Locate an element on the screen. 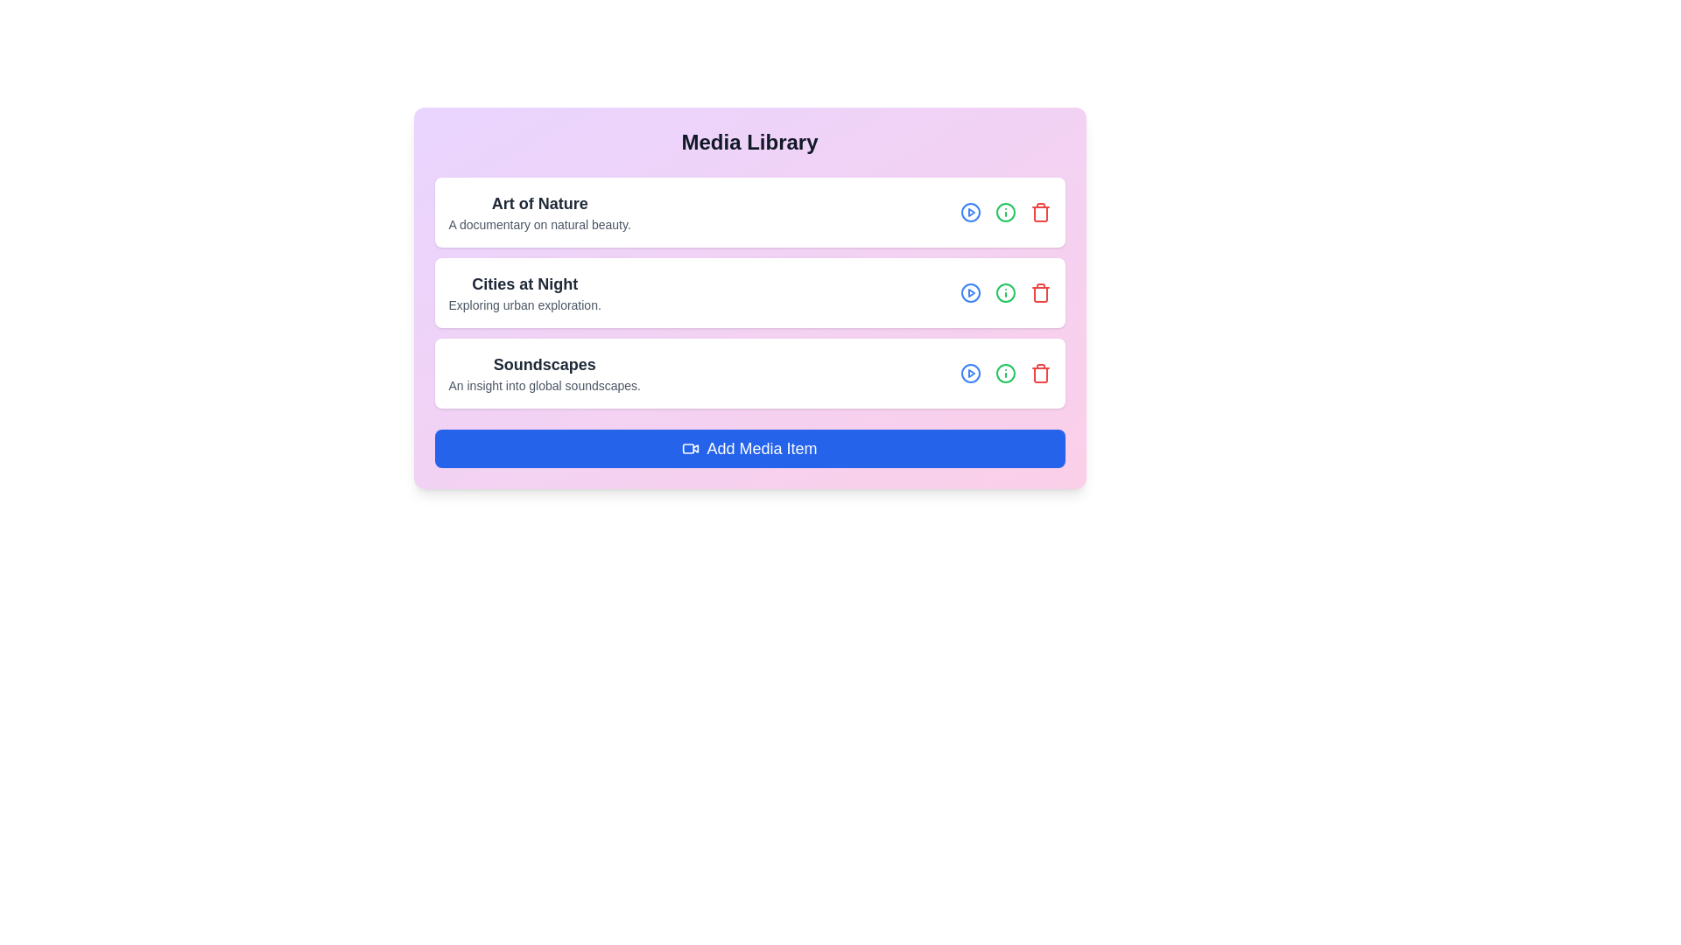 The image size is (1681, 945). the 'Media Library' header to focus on it is located at coordinates (749, 141).